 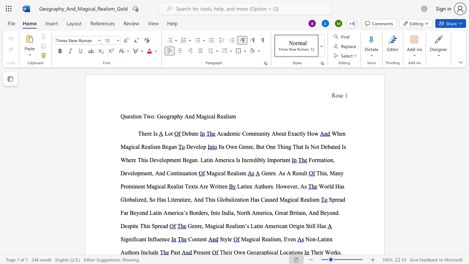 What do you see at coordinates (256, 239) in the screenshot?
I see `the space between the continuous character "c" and "a" in the text` at bounding box center [256, 239].